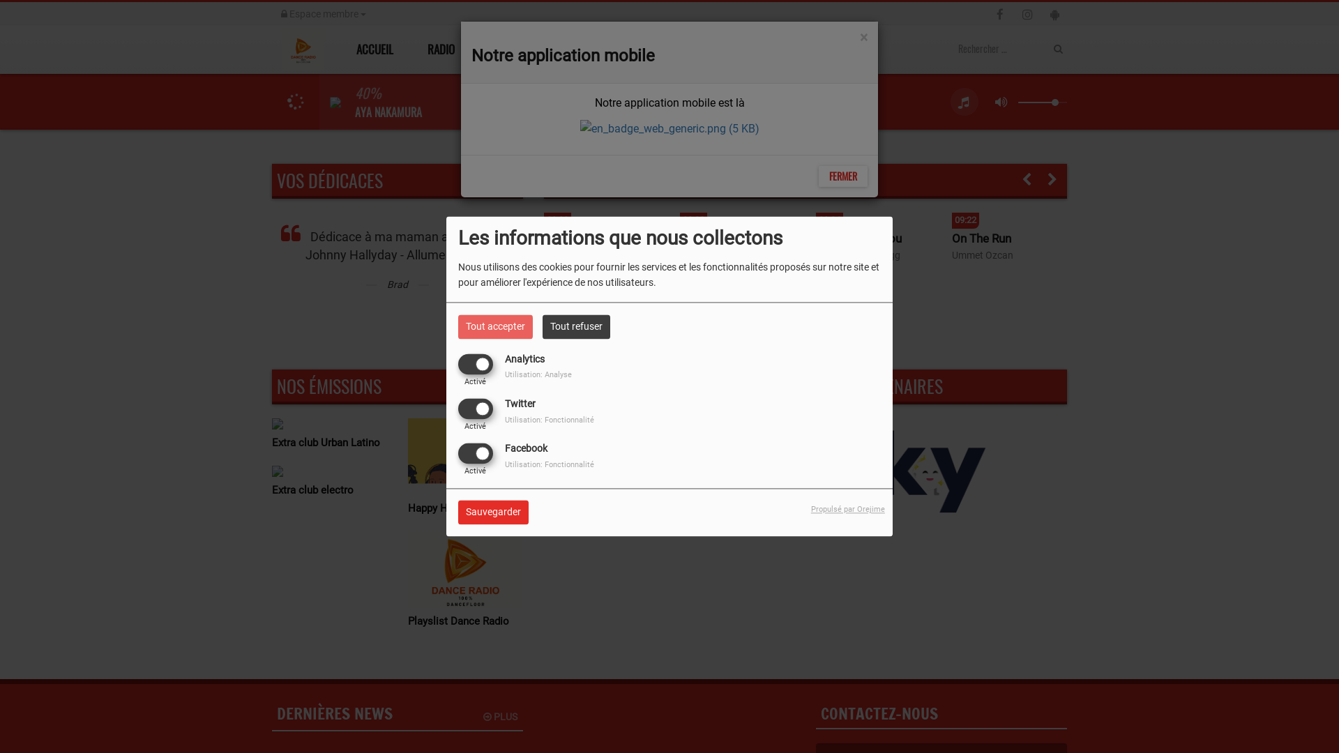  I want to click on 'Tout refuser', so click(541, 326).